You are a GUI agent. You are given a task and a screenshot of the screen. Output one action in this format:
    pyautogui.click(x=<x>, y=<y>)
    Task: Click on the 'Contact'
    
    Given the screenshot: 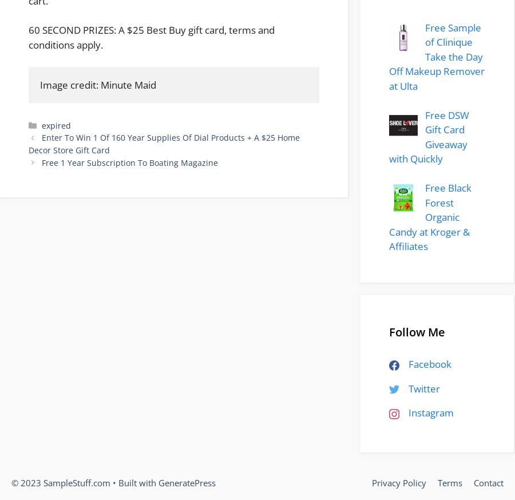 What is the action you would take?
    pyautogui.click(x=474, y=482)
    